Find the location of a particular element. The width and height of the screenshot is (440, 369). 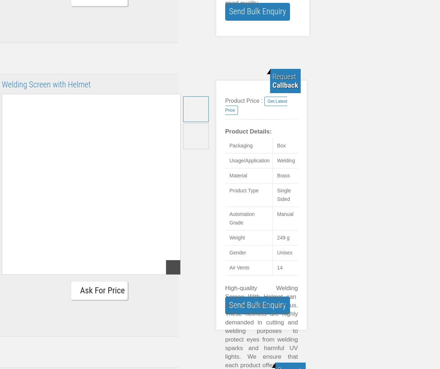

'Brass' is located at coordinates (283, 175).